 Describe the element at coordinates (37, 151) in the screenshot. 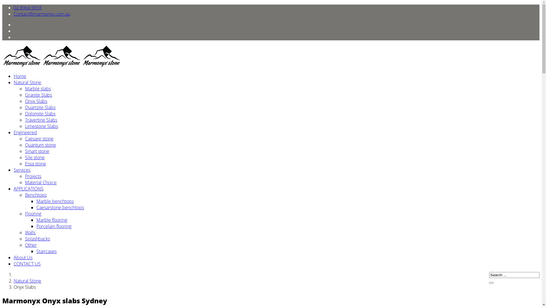

I see `'Smart stone'` at that location.